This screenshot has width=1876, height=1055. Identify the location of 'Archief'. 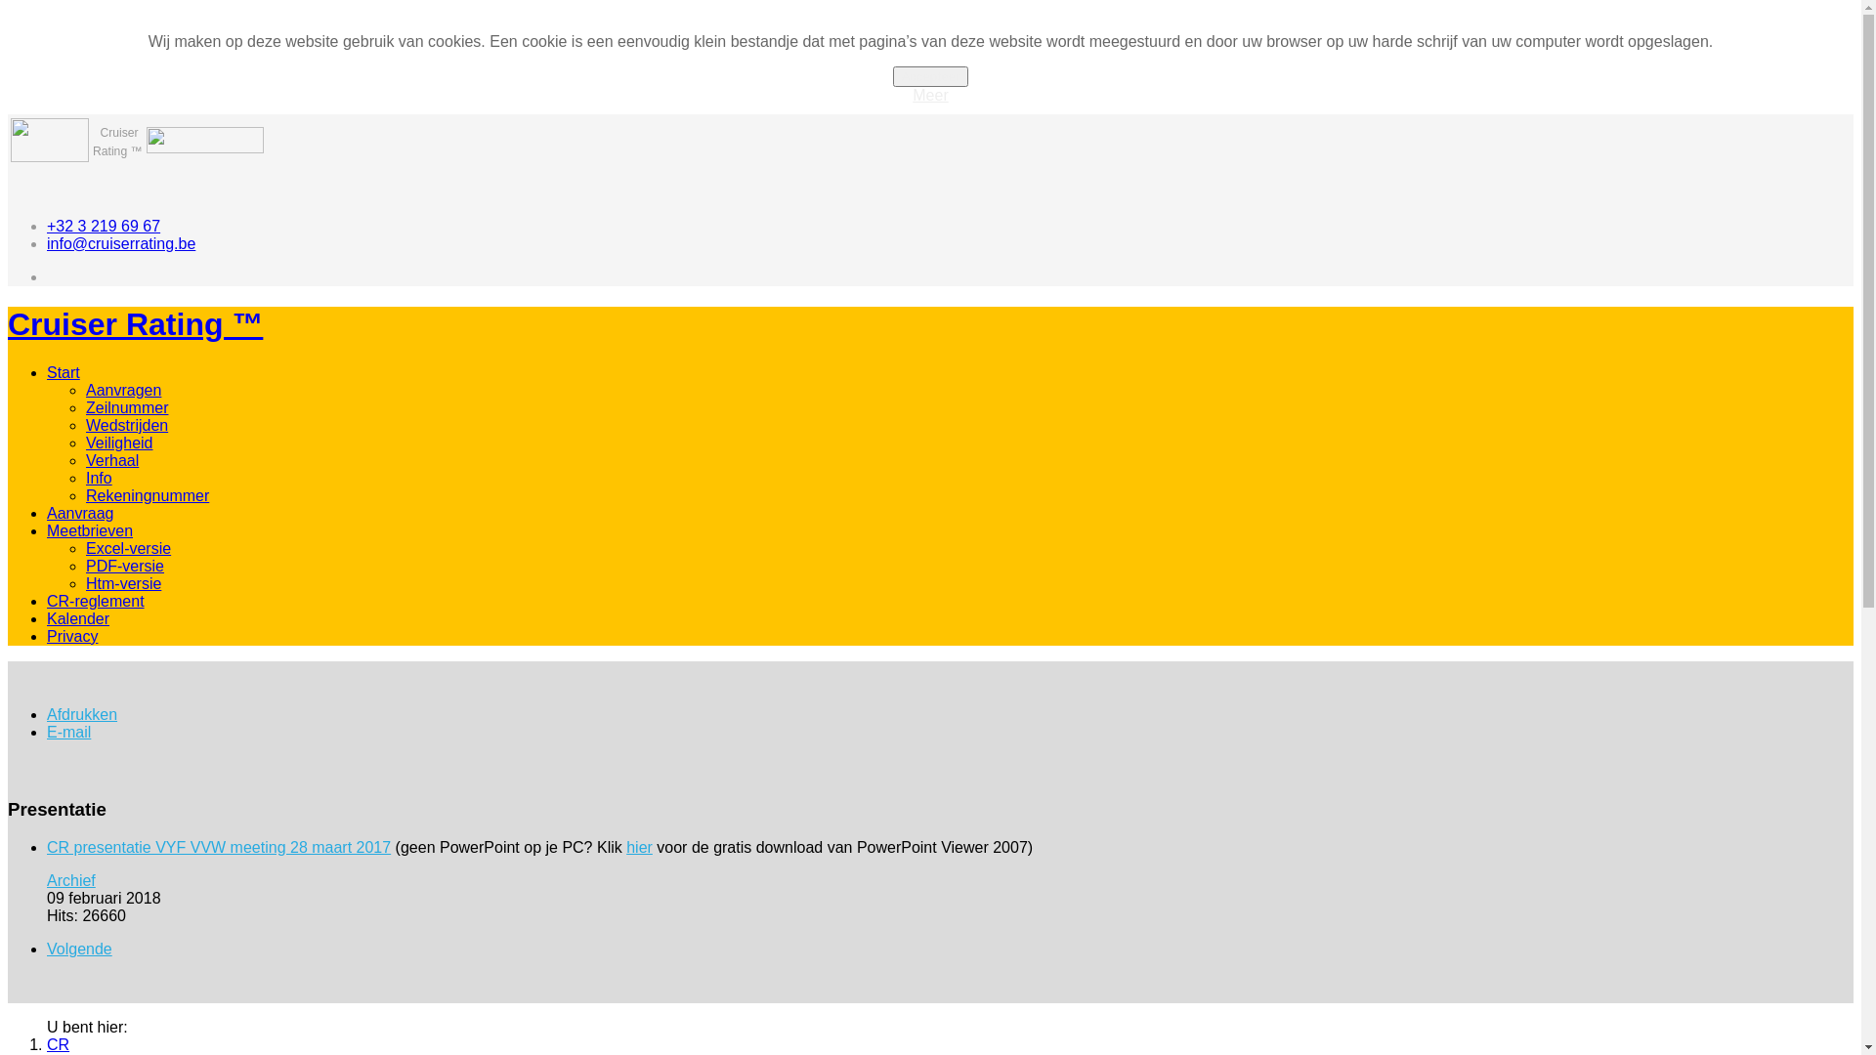
(70, 880).